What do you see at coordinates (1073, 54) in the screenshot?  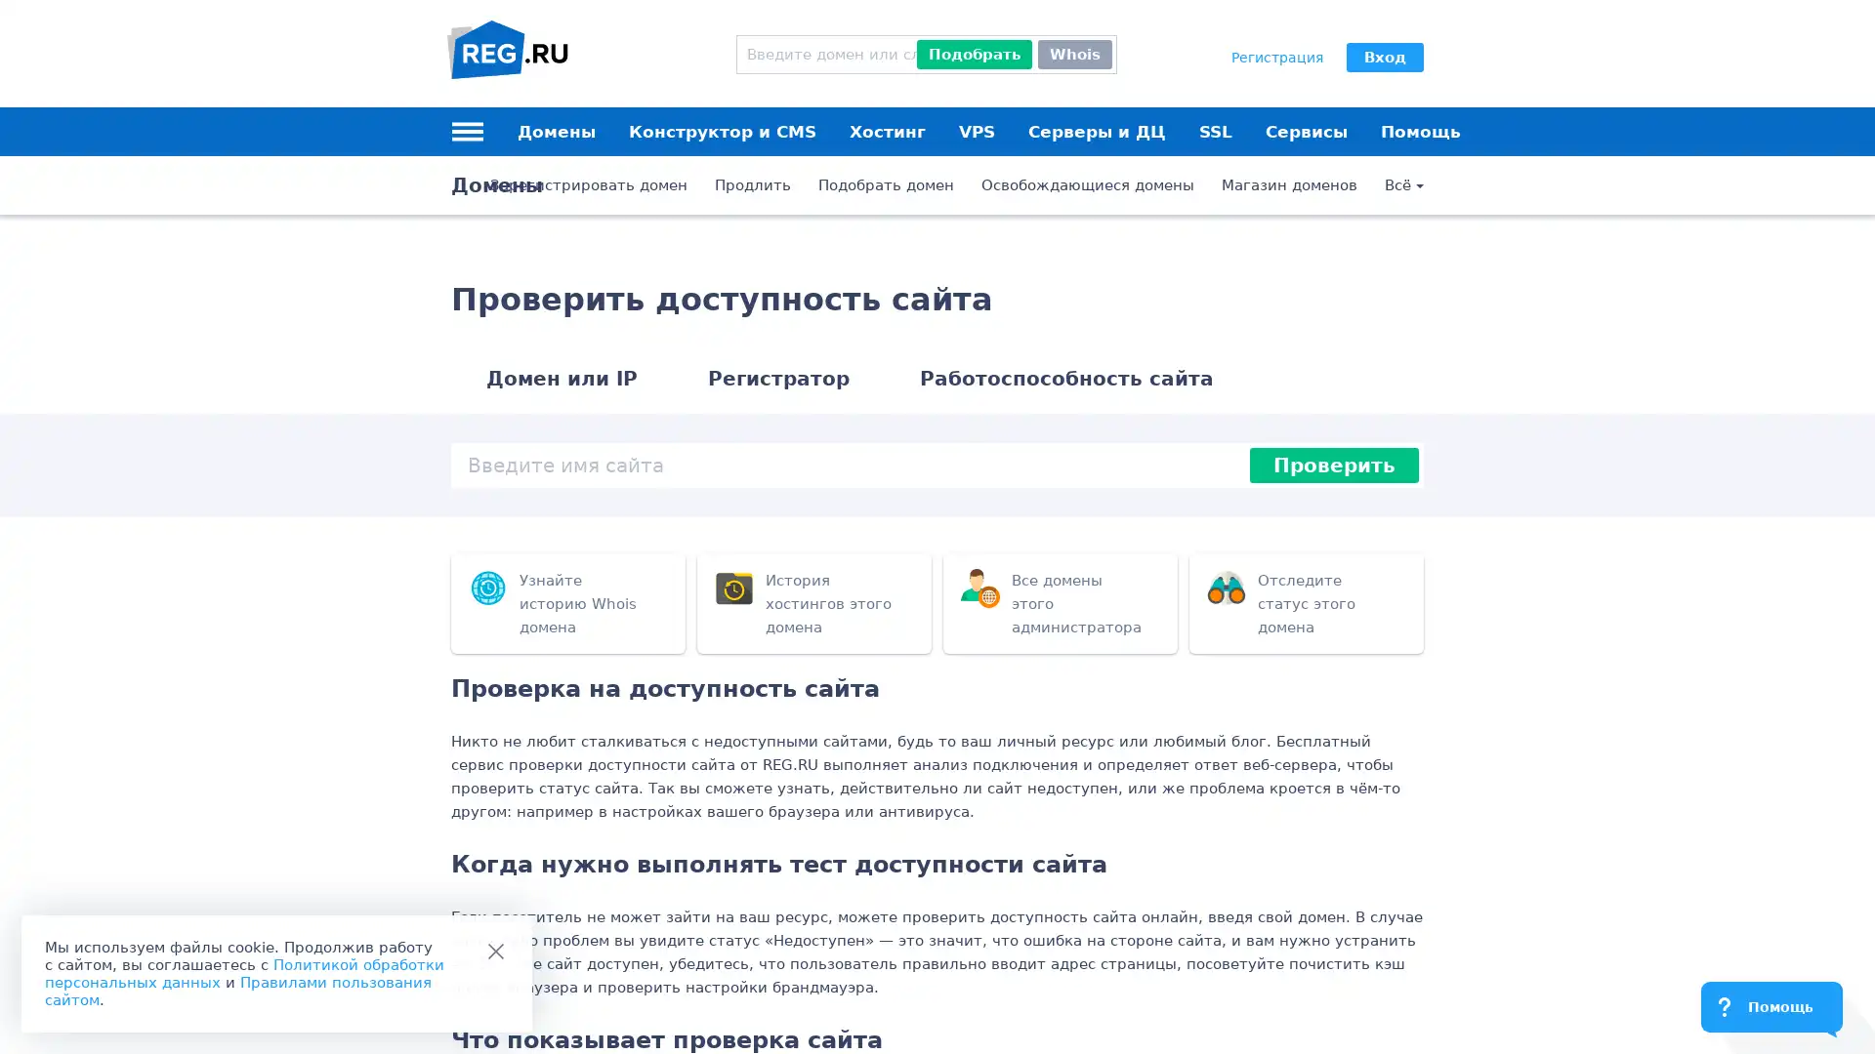 I see `Whois` at bounding box center [1073, 54].